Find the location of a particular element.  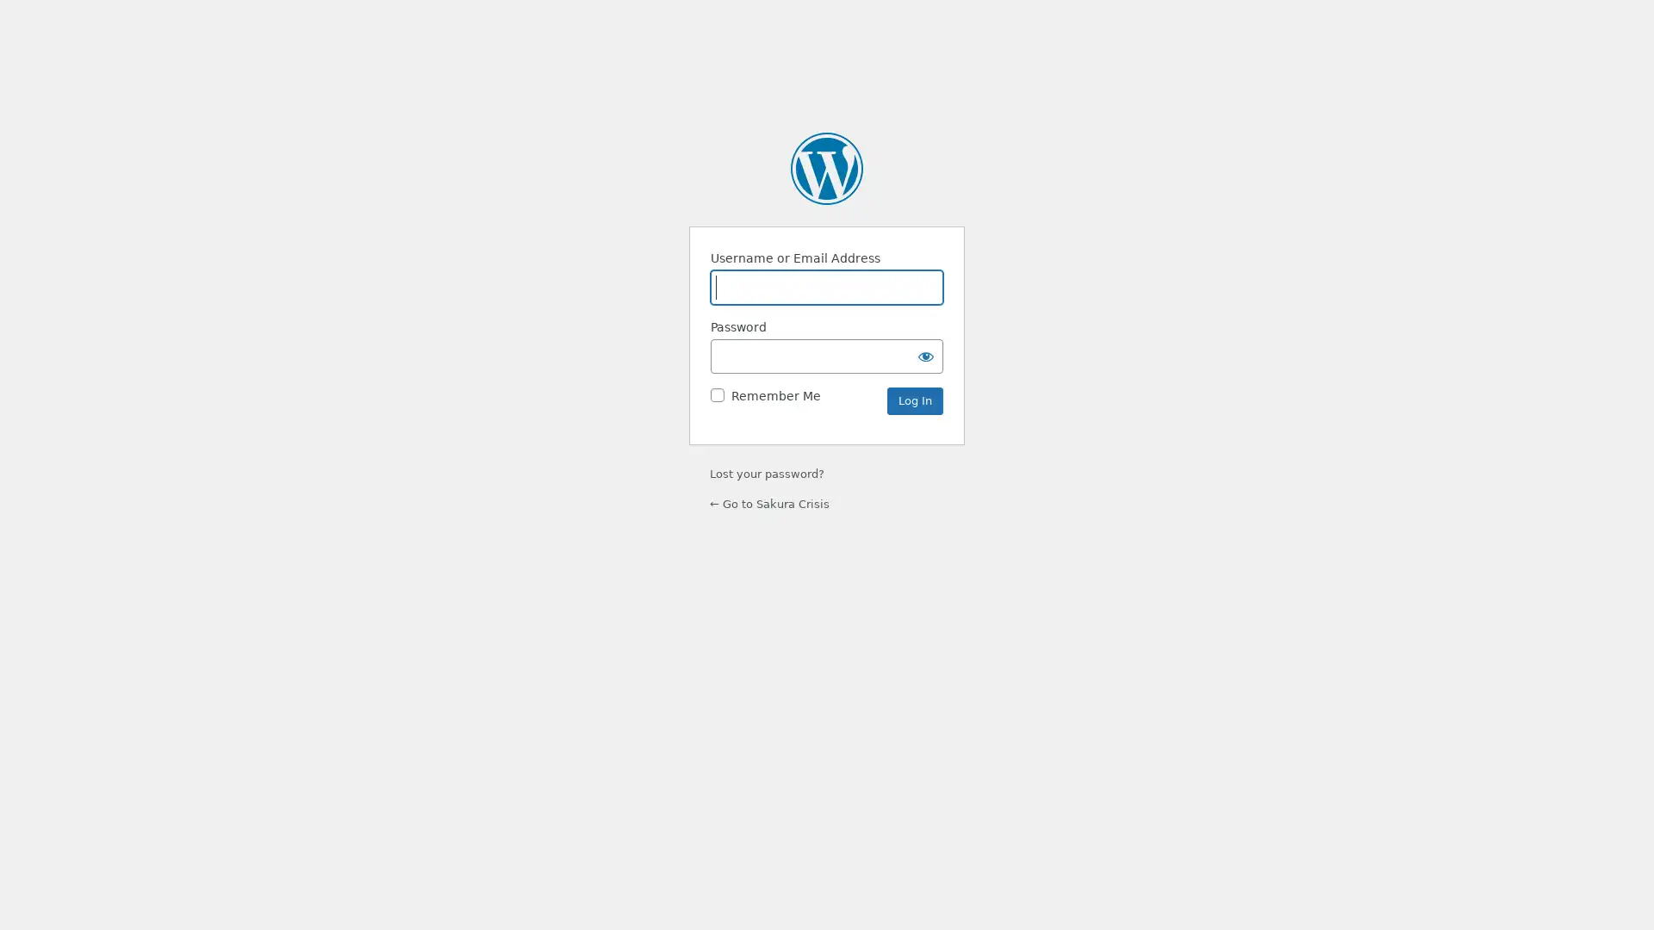

Show password is located at coordinates (925, 354).